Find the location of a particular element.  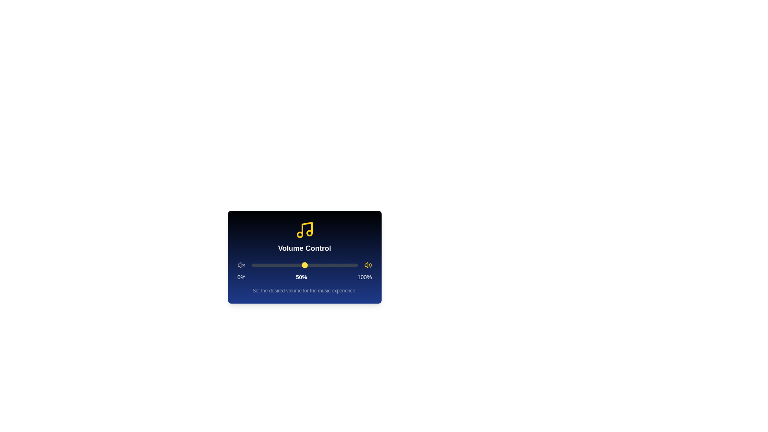

the volume slider to 69% is located at coordinates (324, 265).